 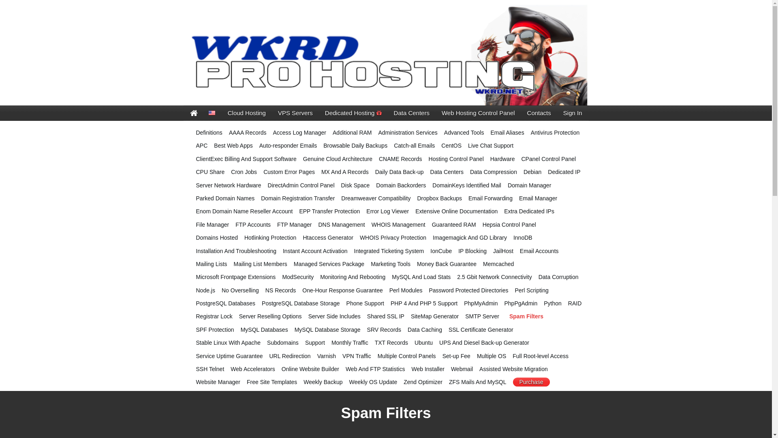 What do you see at coordinates (222, 113) in the screenshot?
I see `'Cloud Hosting'` at bounding box center [222, 113].